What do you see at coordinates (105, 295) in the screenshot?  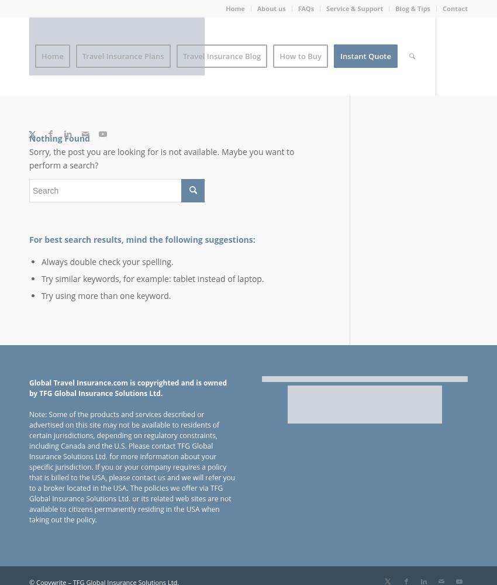 I see `'Try using more than one keyword.'` at bounding box center [105, 295].